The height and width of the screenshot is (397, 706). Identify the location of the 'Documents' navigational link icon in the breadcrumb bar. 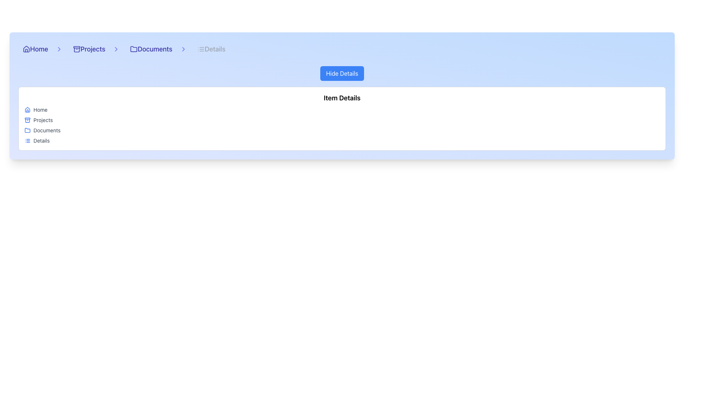
(156, 49).